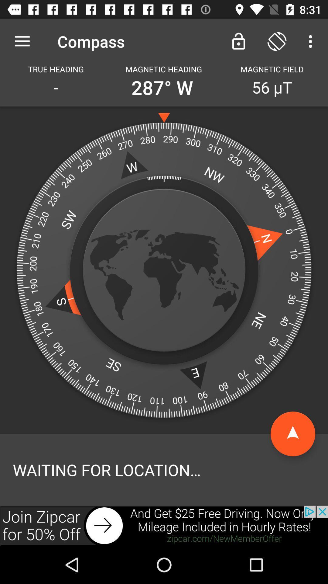 This screenshot has height=584, width=328. Describe the element at coordinates (292, 433) in the screenshot. I see `going to top page` at that location.